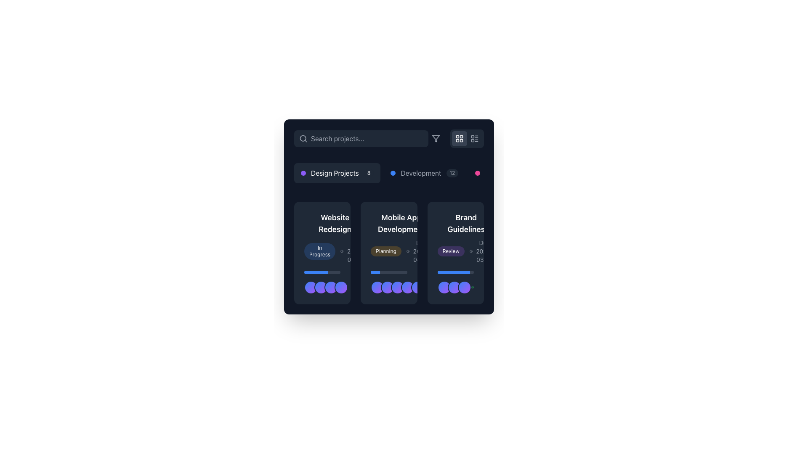 This screenshot has width=808, height=454. I want to click on the fourth circular avatar indicator located beneath the progress bar in the 'Mobile App Development' section, so click(408, 287).